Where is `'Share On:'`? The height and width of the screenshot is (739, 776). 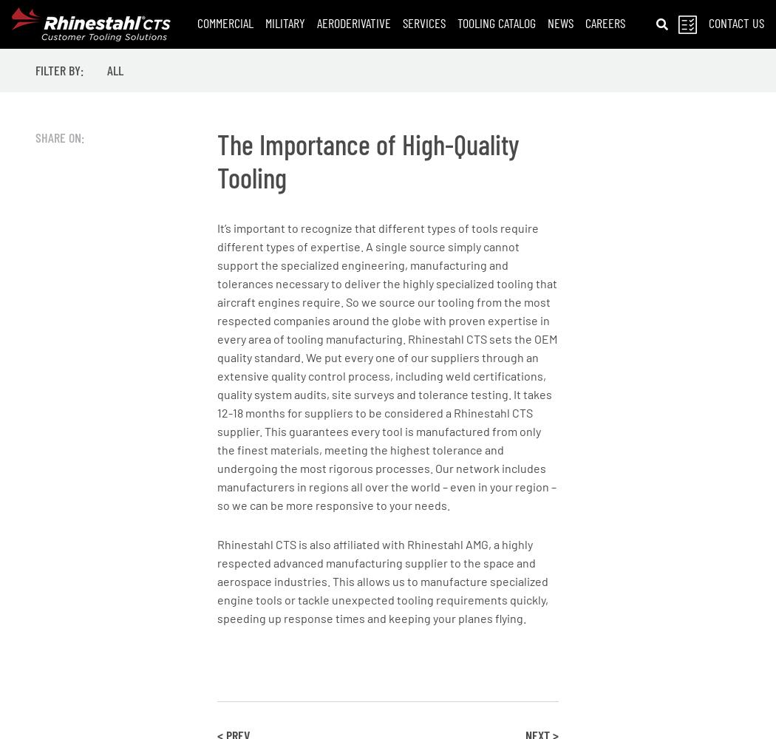 'Share On:' is located at coordinates (59, 137).